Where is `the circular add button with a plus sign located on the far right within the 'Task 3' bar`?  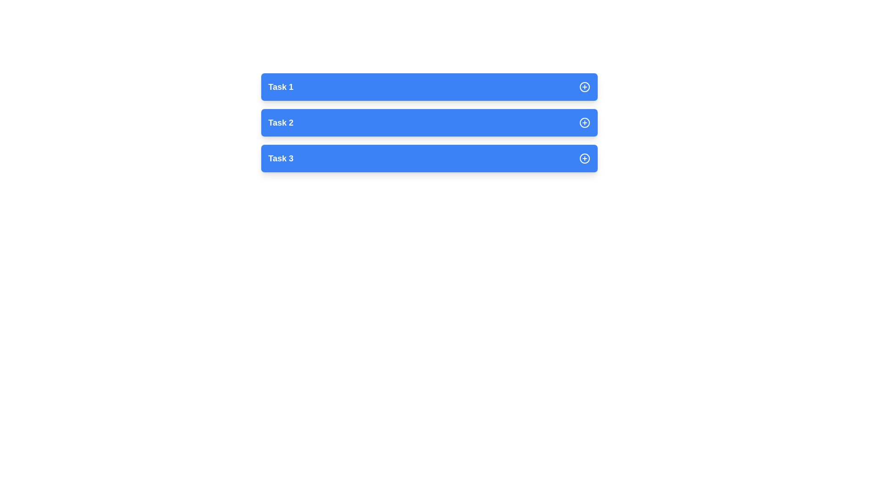
the circular add button with a plus sign located on the far right within the 'Task 3' bar is located at coordinates (584, 158).